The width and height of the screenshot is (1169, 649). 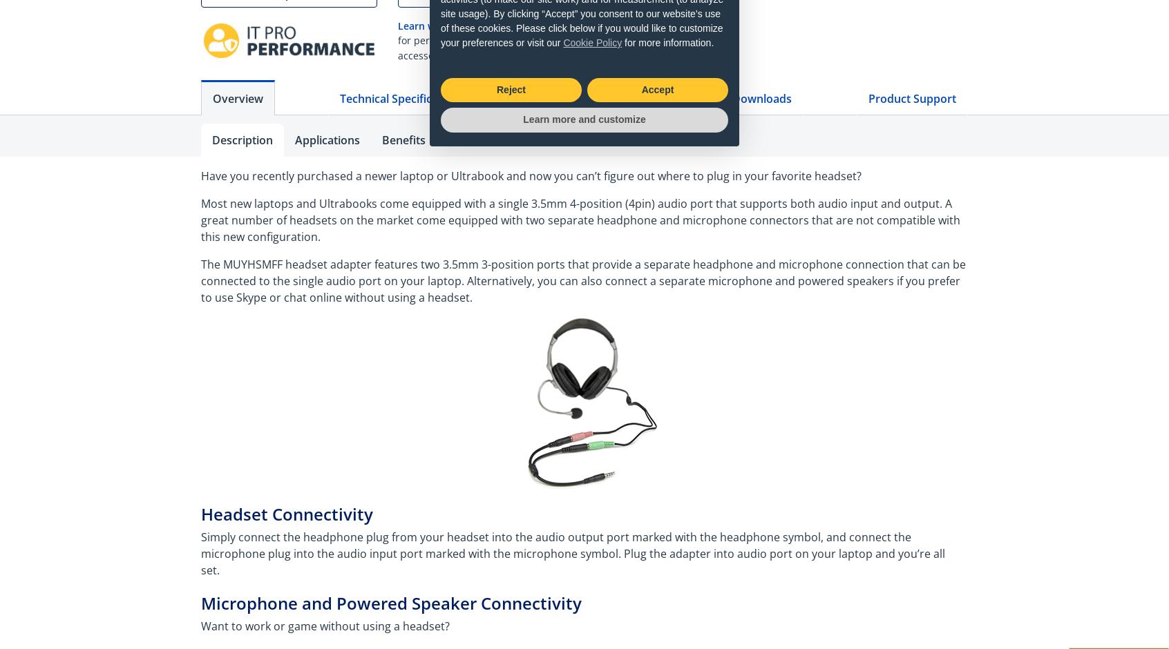 I want to click on 'Headset Connectivity', so click(x=291, y=514).